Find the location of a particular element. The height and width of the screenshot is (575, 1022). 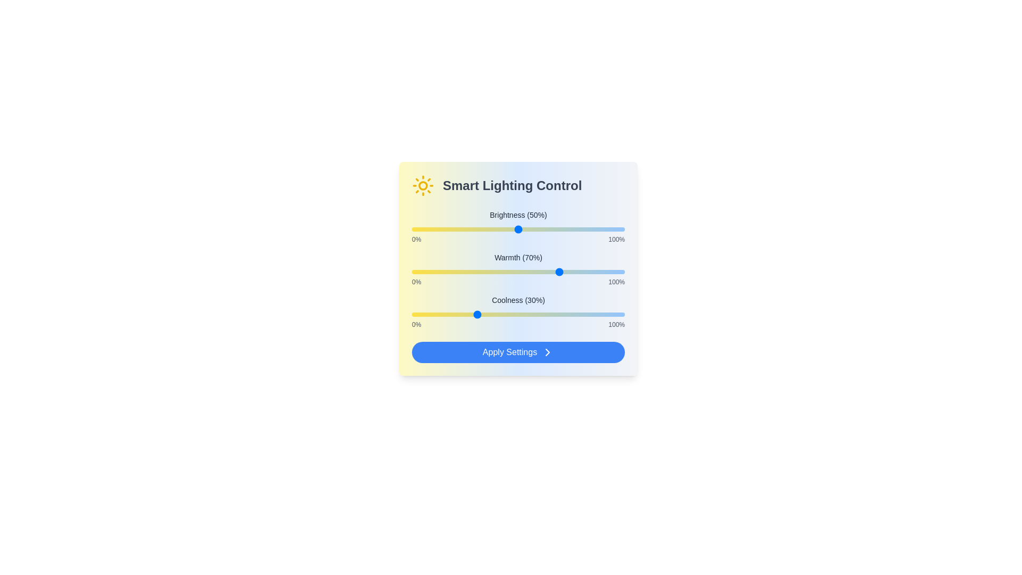

the brightness slider to 66% is located at coordinates (552, 229).